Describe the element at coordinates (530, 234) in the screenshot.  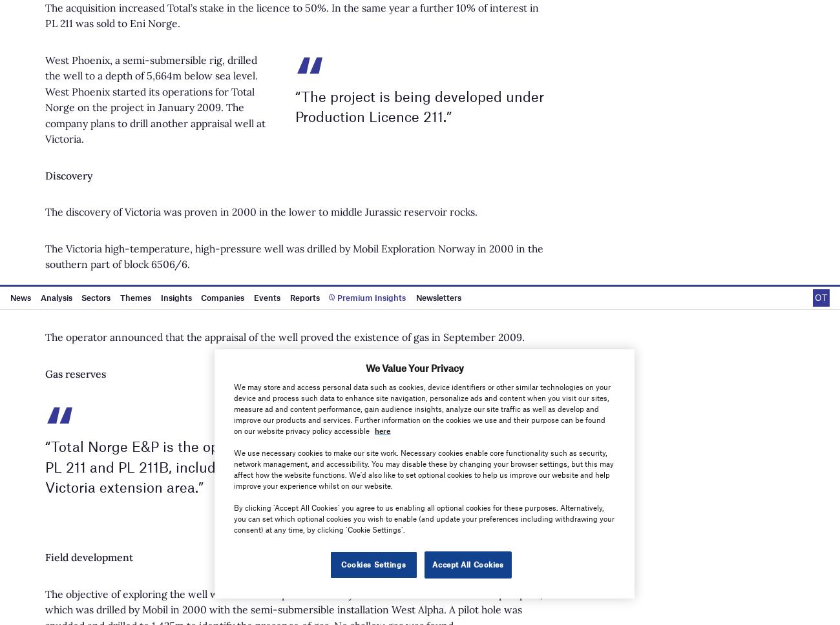
I see `'Newsletters'` at that location.